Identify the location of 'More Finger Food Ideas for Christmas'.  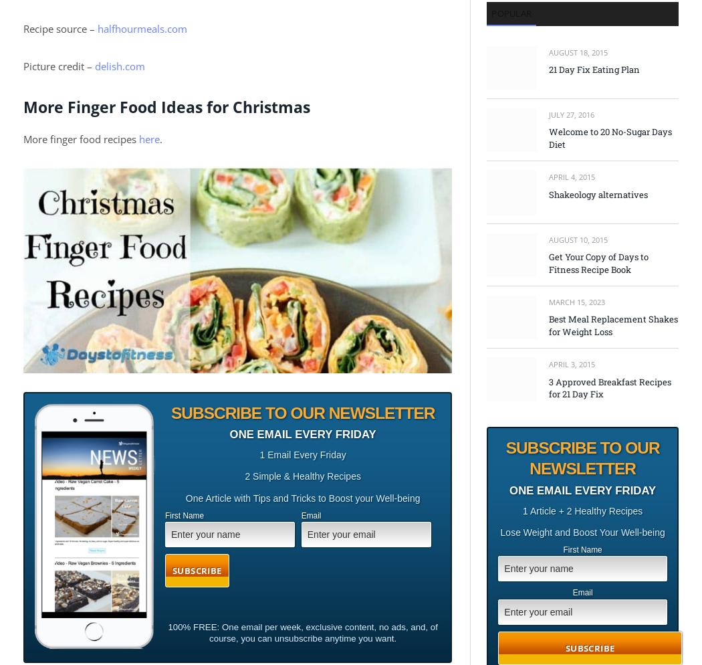
(166, 107).